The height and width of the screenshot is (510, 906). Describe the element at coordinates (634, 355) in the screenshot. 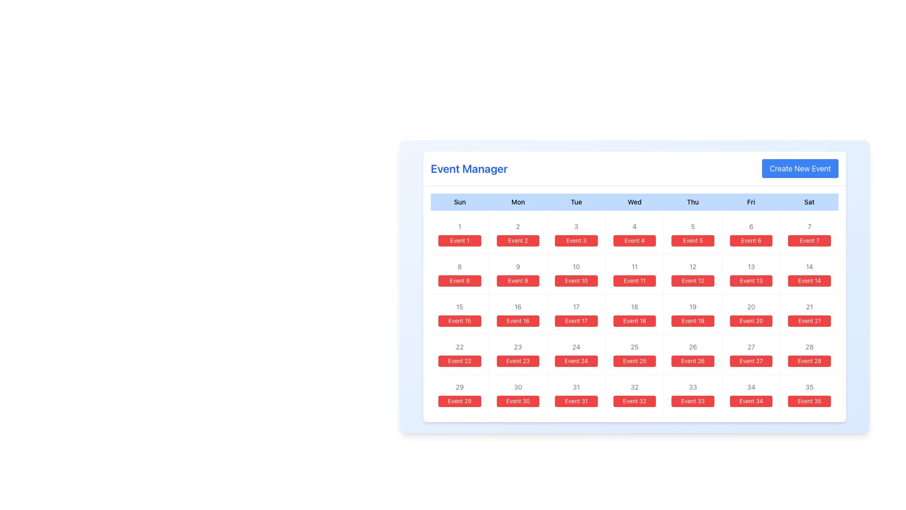

I see `the Calendar date cell in the seventh row and third column containing the number '25' and the button 'Event 25'` at that location.